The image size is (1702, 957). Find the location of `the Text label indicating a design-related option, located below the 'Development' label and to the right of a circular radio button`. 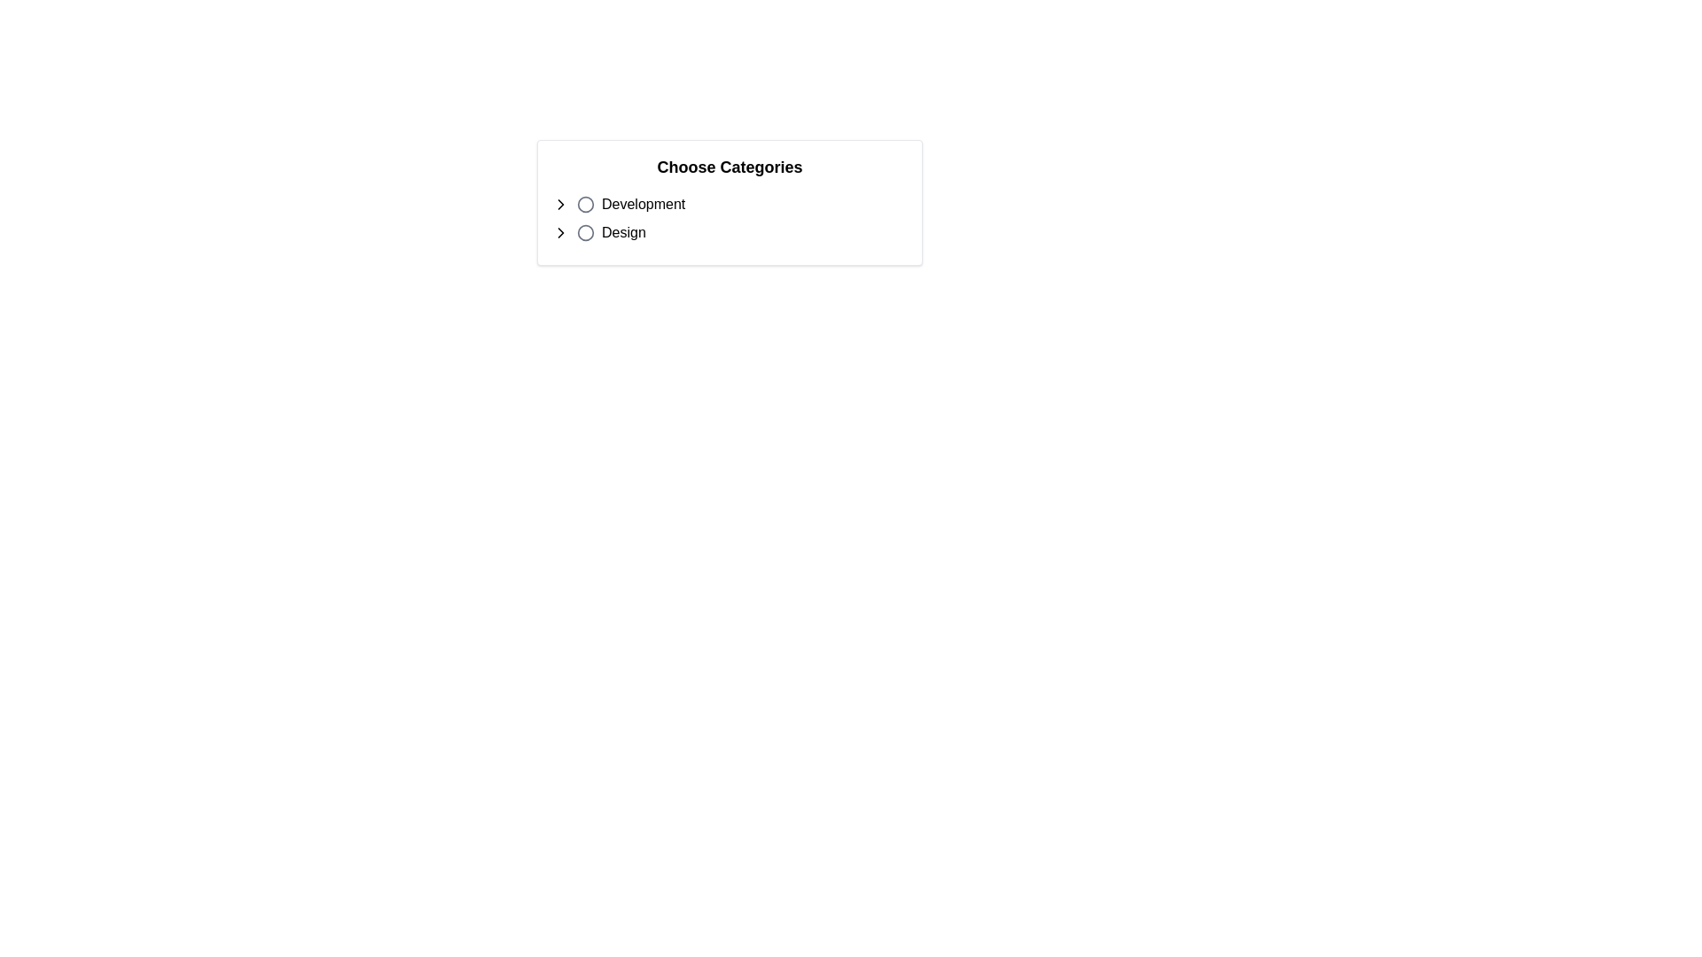

the Text label indicating a design-related option, located below the 'Development' label and to the right of a circular radio button is located at coordinates (623, 231).